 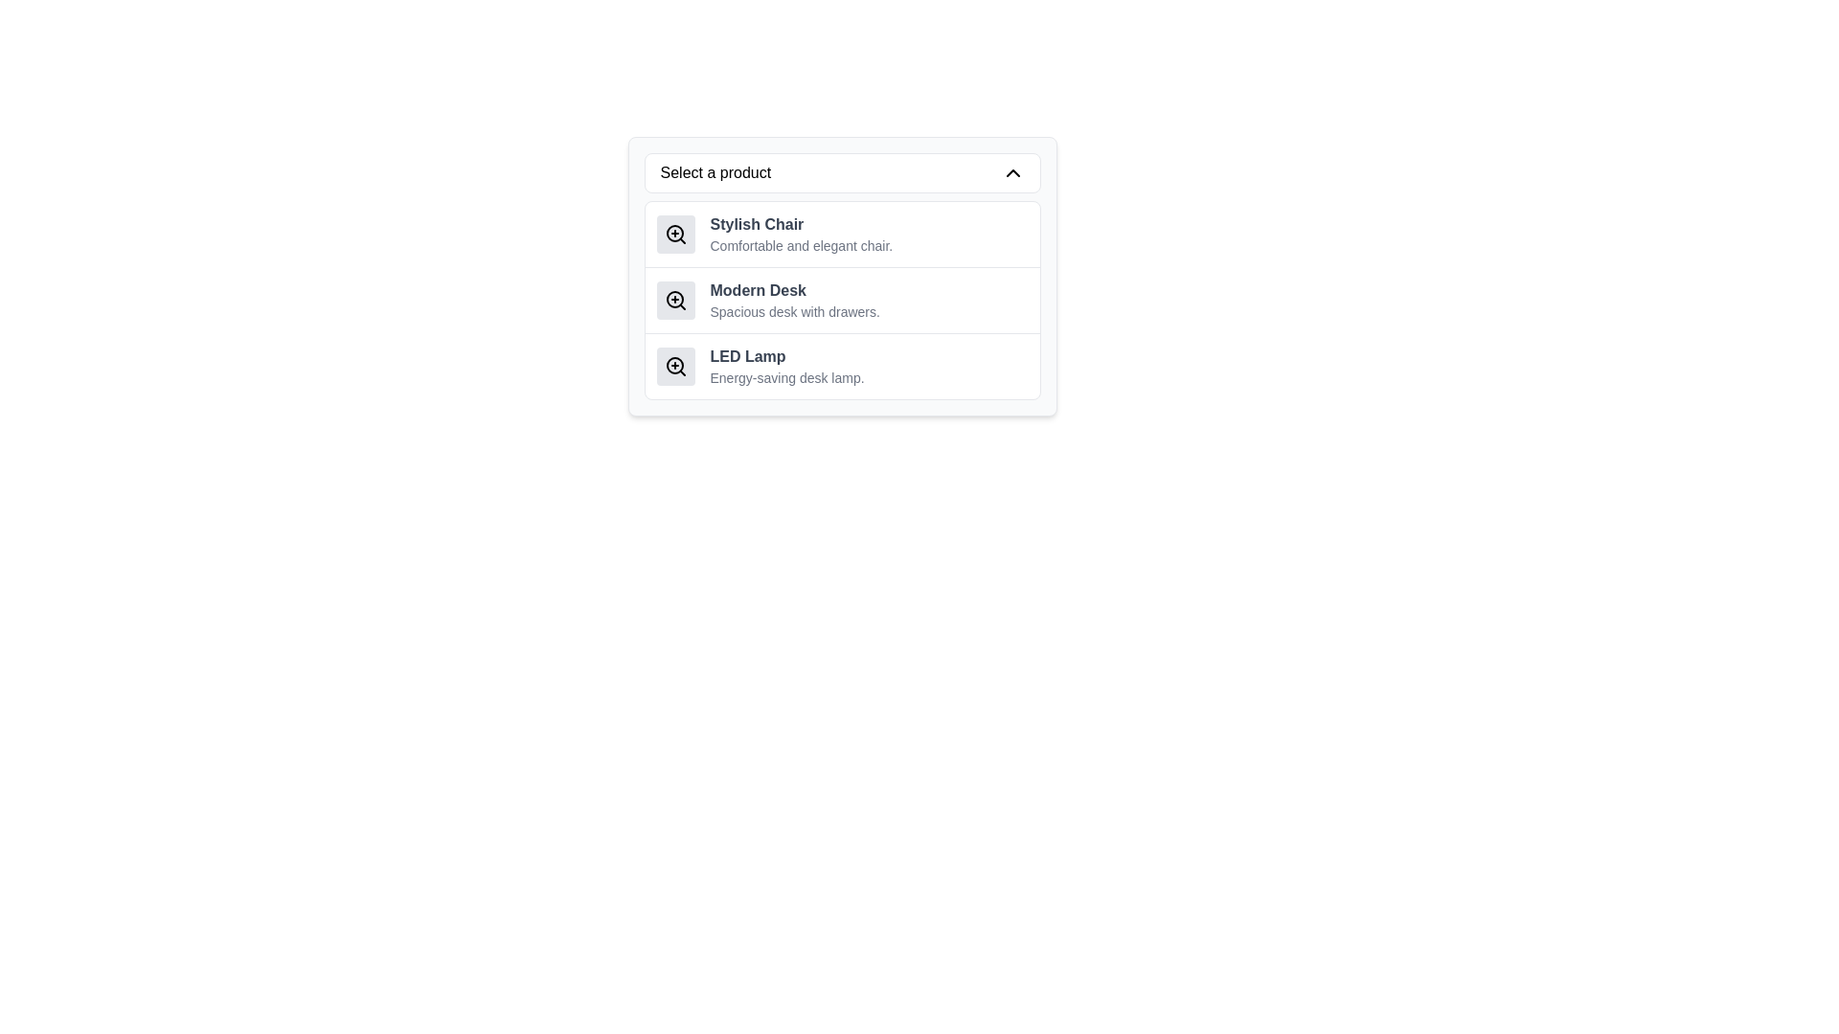 What do you see at coordinates (786, 366) in the screenshot?
I see `the third item in the dropdown menu labeled 'Select a product', which contains information about the LED Lamp product` at bounding box center [786, 366].